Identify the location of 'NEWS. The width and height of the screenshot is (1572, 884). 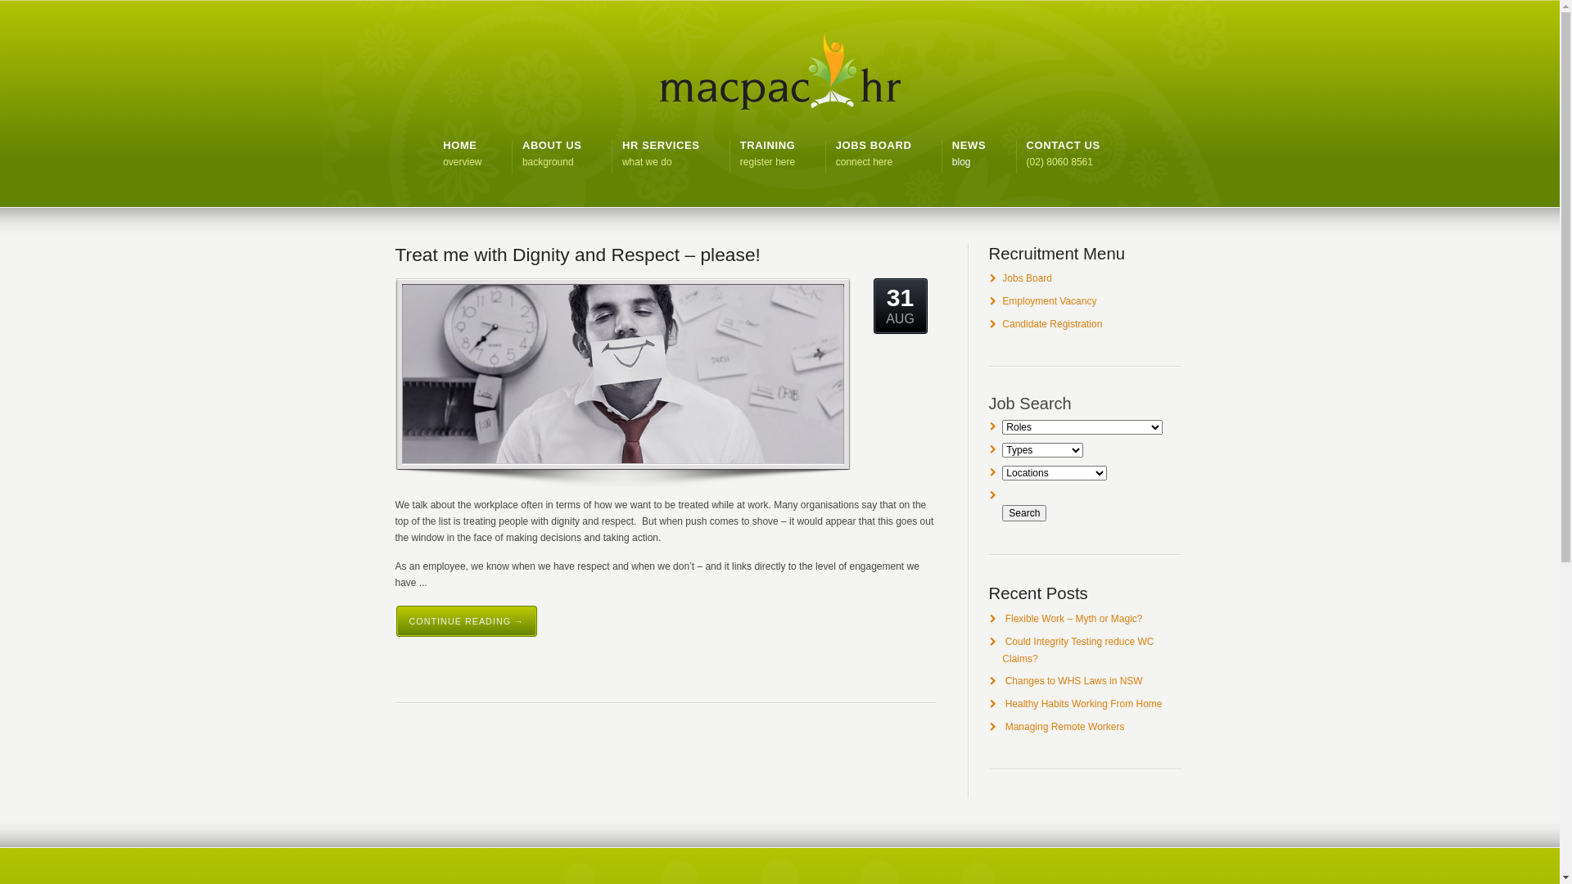
(969, 154).